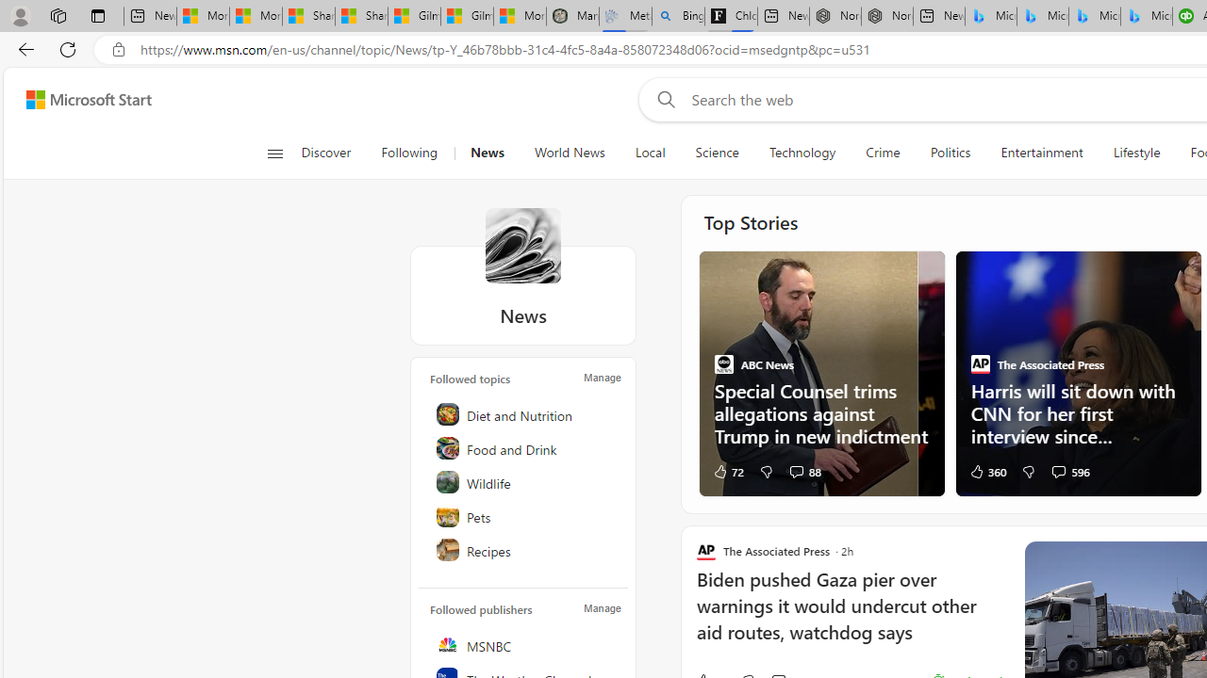  Describe the element at coordinates (468, 16) in the screenshot. I see `'Gilma and Hector both pose tropical trouble for Hawaii'` at that location.